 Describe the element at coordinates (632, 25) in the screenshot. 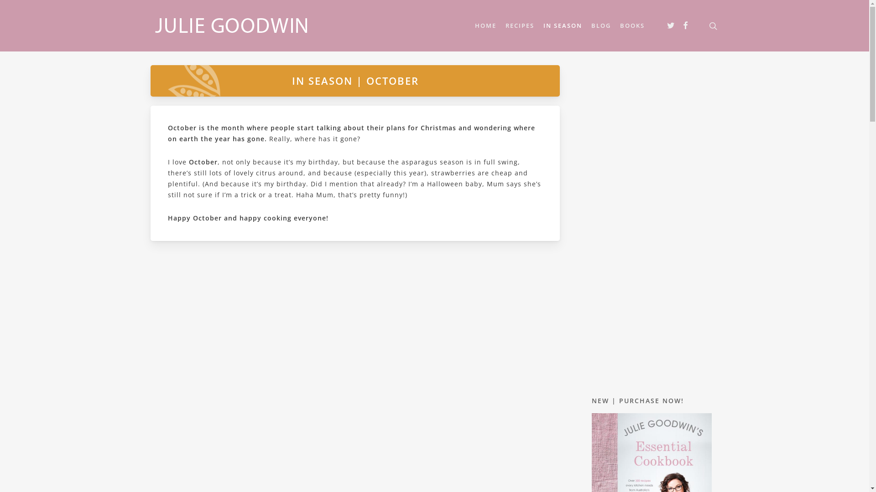

I see `'BOOKS'` at that location.